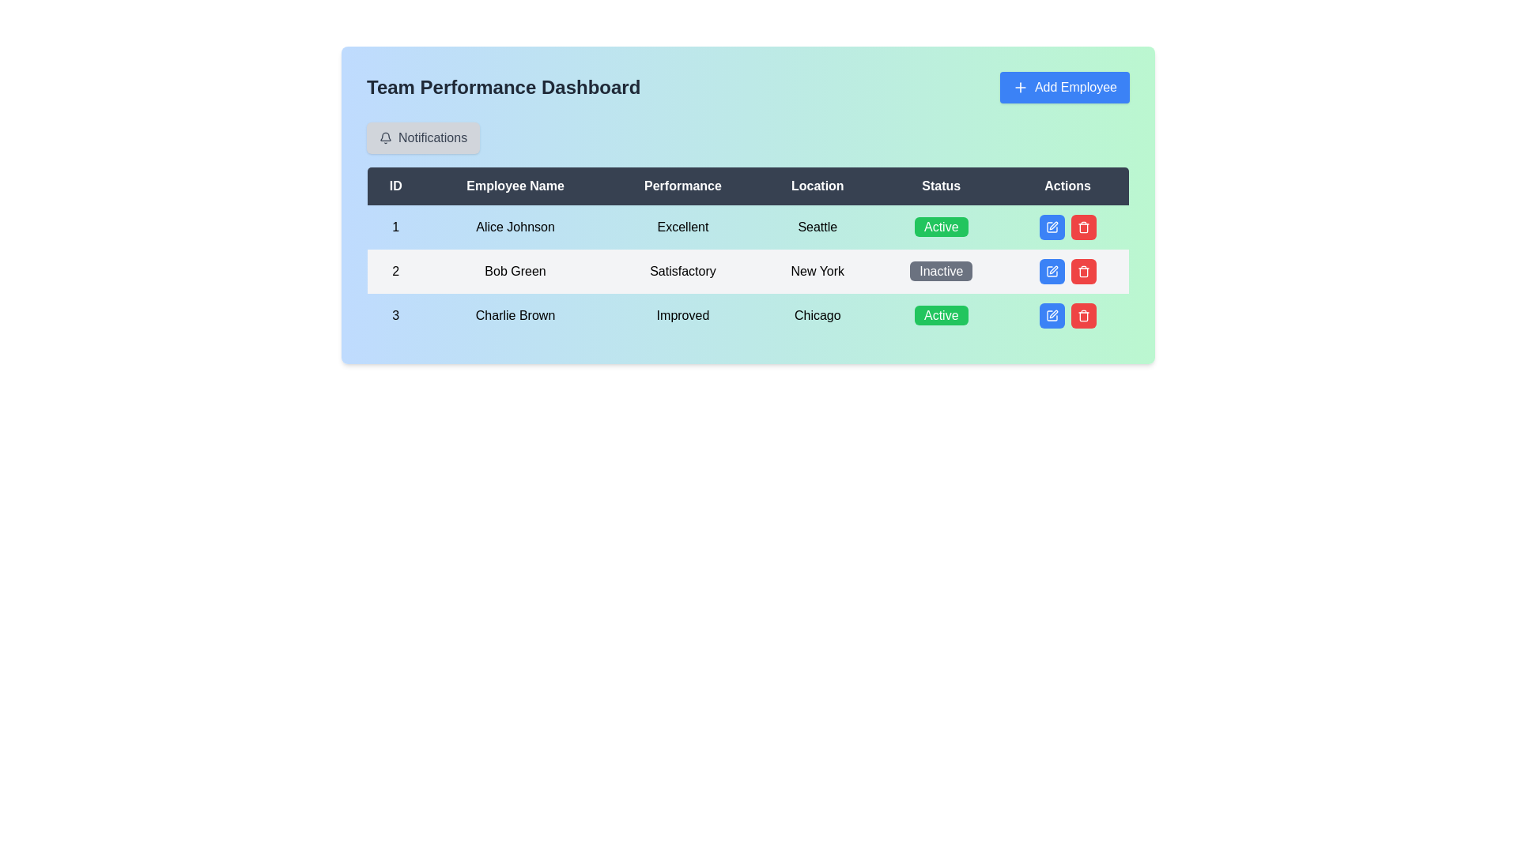 Image resolution: width=1518 pixels, height=853 pixels. What do you see at coordinates (818, 185) in the screenshot?
I see `the text label displaying 'Location', which is styled with bold white text on a dark background, located in the header row of a table between 'Performance' and 'Status'` at bounding box center [818, 185].